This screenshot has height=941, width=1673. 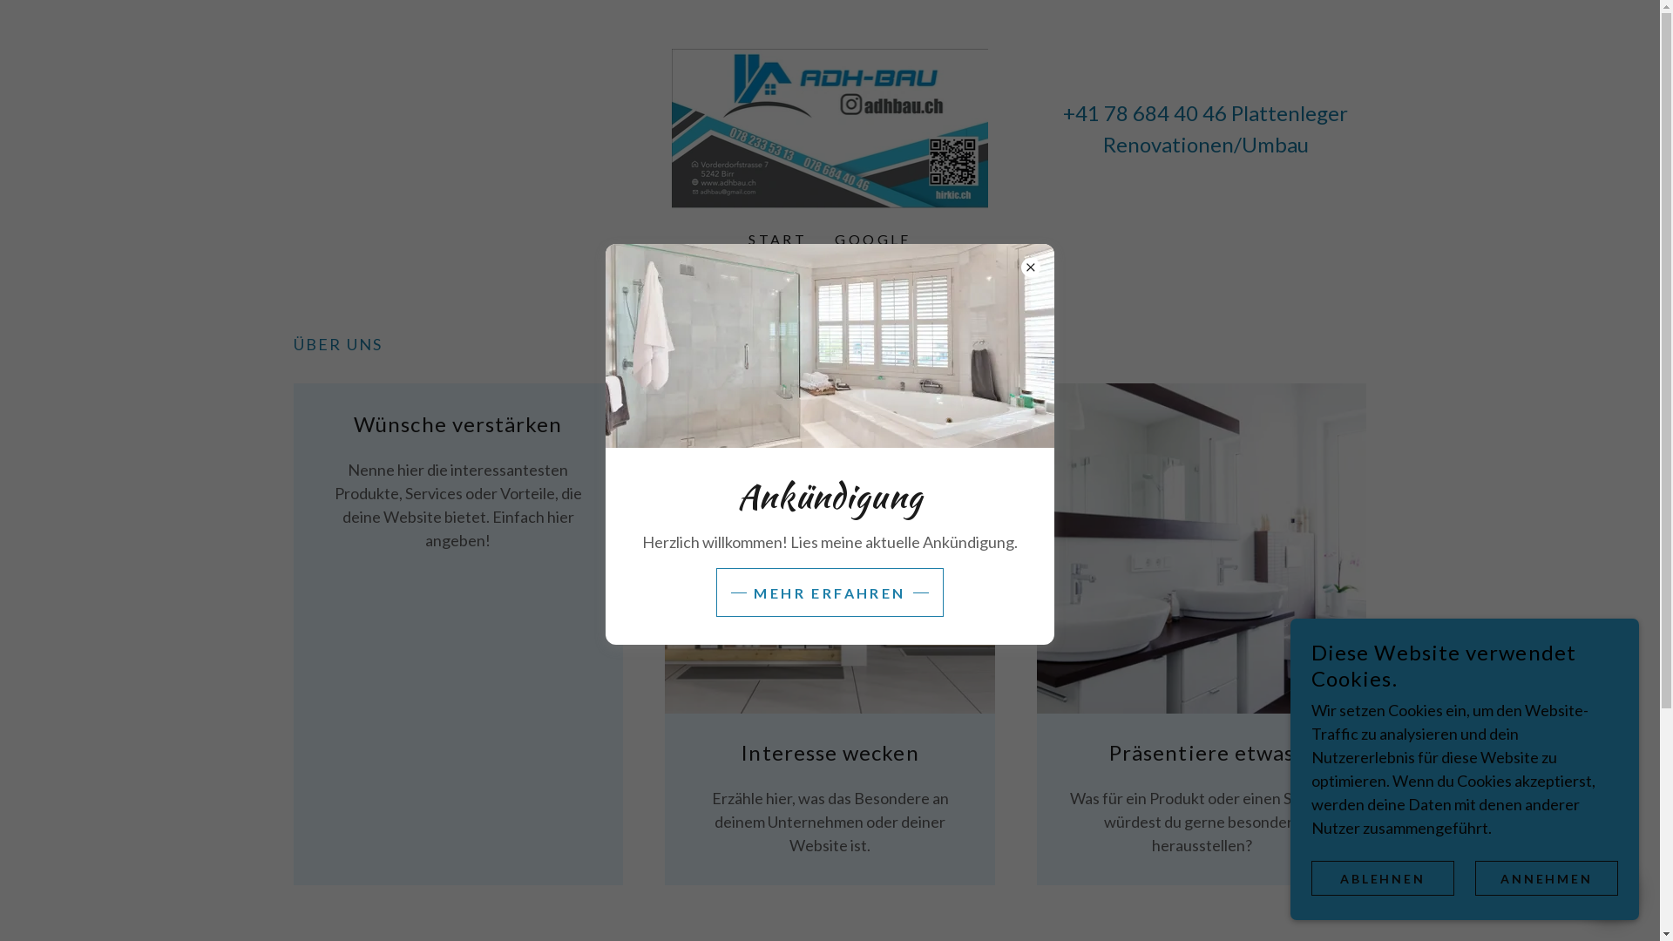 I want to click on ' ADH-BAU, so click(x=830, y=125).